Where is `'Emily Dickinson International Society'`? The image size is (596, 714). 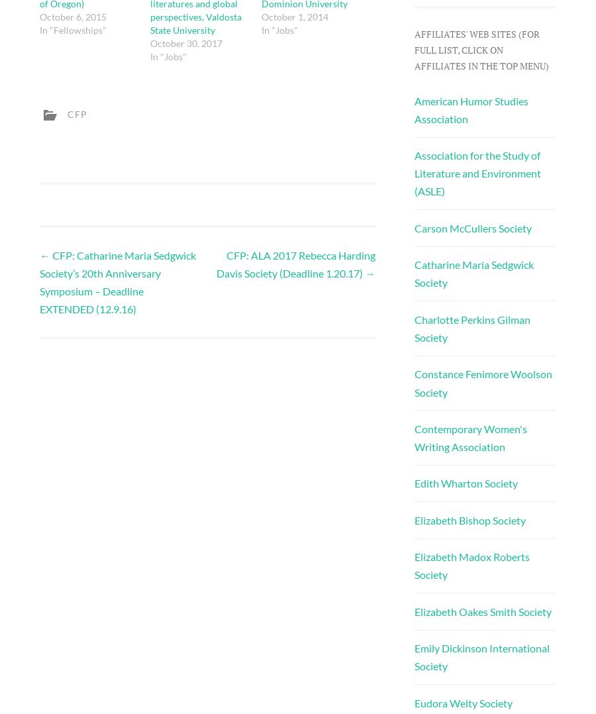
'Emily Dickinson International Society' is located at coordinates (413, 656).